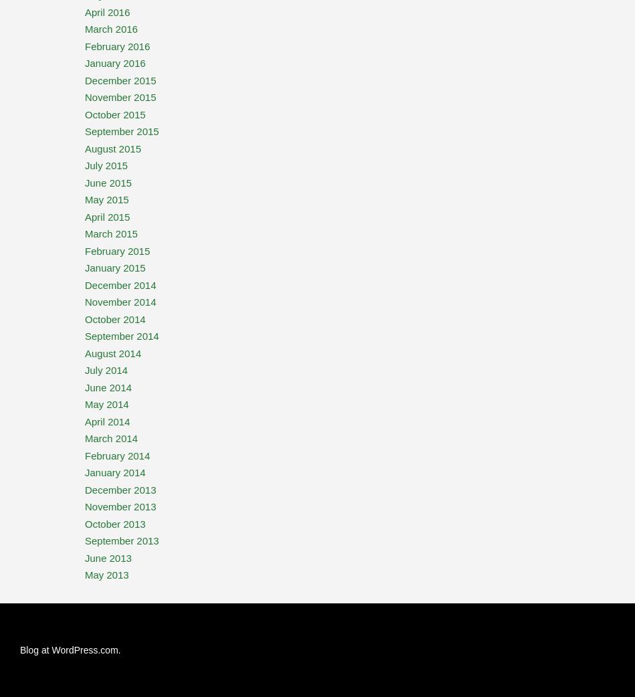 The image size is (635, 697). Describe the element at coordinates (111, 438) in the screenshot. I see `'March 2014'` at that location.